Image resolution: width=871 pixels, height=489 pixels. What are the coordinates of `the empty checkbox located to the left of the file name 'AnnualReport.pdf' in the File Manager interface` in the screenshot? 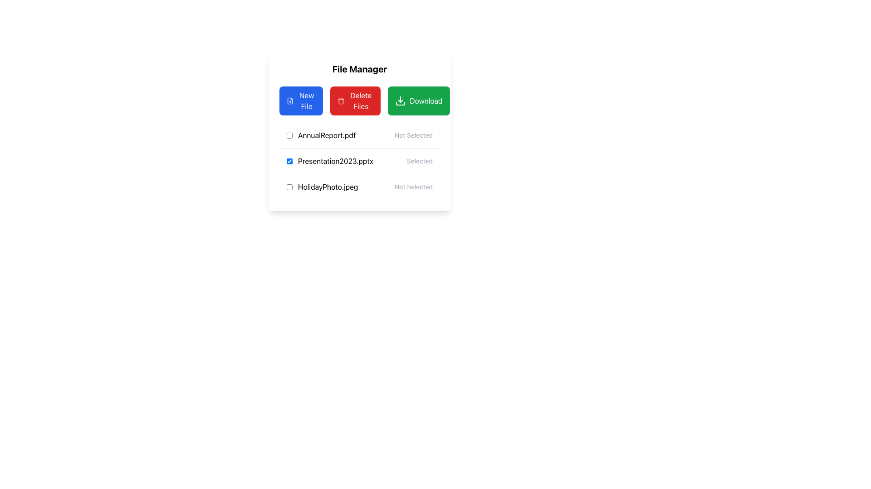 It's located at (289, 135).